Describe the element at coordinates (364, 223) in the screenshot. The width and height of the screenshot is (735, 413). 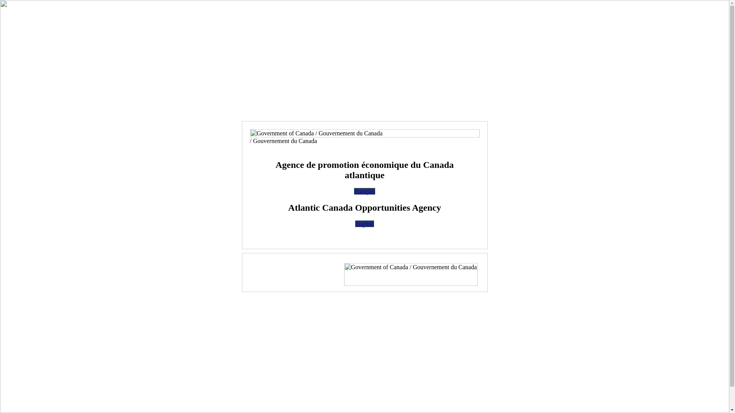
I see `'English'` at that location.